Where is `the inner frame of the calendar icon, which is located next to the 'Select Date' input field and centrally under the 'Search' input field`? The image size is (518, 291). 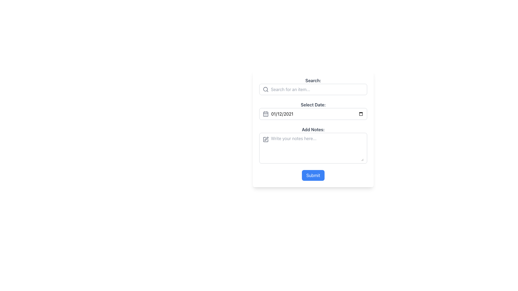
the inner frame of the calendar icon, which is located next to the 'Select Date' input field and centrally under the 'Search' input field is located at coordinates (265, 114).